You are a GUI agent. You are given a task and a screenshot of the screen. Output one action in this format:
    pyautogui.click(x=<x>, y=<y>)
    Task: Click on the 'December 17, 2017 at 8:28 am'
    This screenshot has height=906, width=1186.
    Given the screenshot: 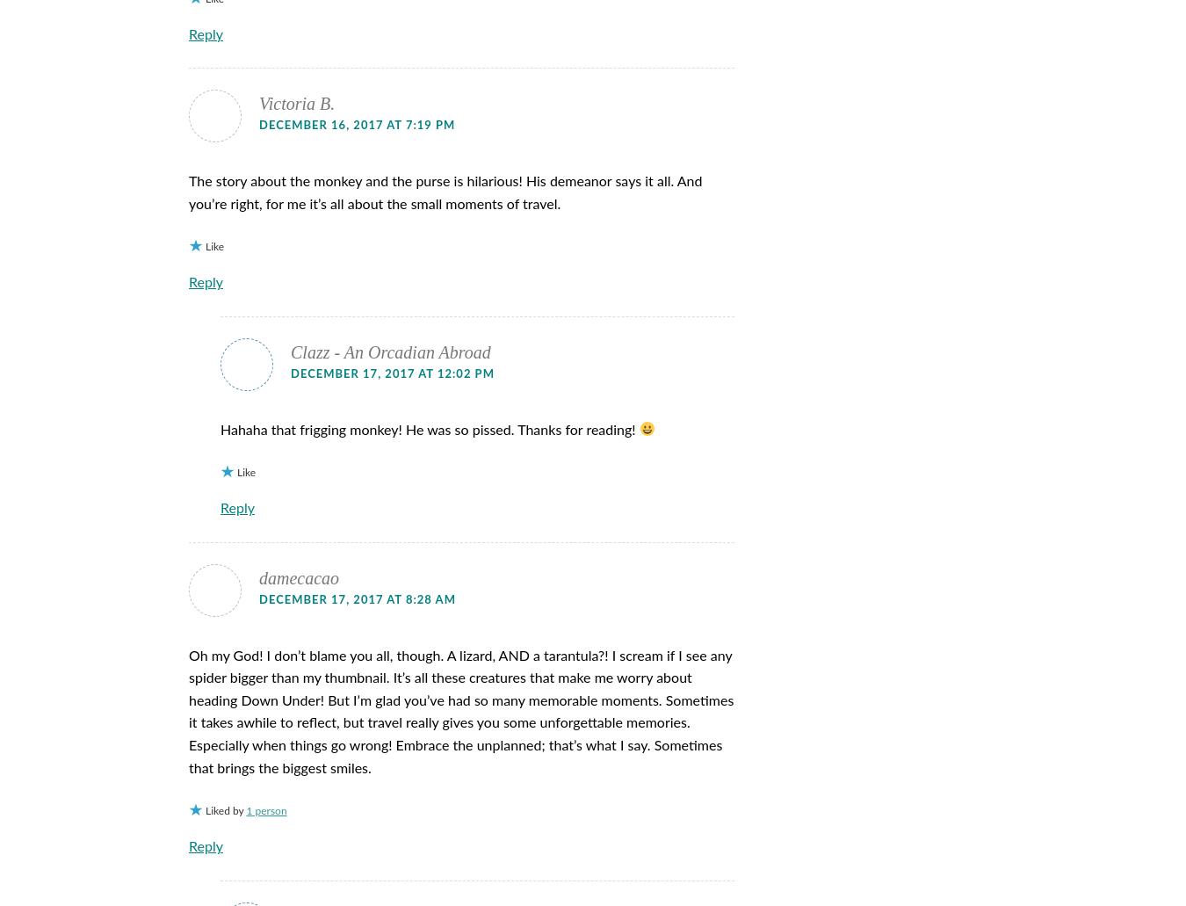 What is the action you would take?
    pyautogui.click(x=357, y=599)
    